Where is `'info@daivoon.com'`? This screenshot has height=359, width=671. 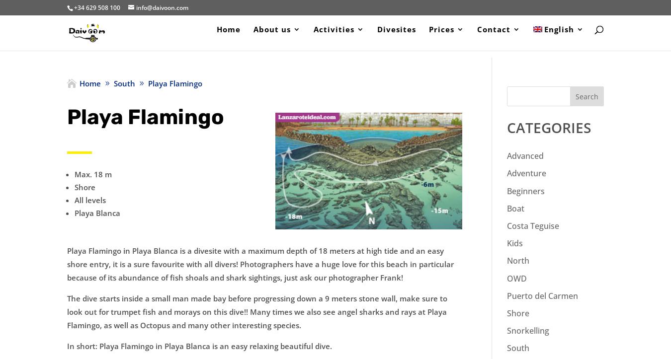
'info@daivoon.com' is located at coordinates (162, 7).